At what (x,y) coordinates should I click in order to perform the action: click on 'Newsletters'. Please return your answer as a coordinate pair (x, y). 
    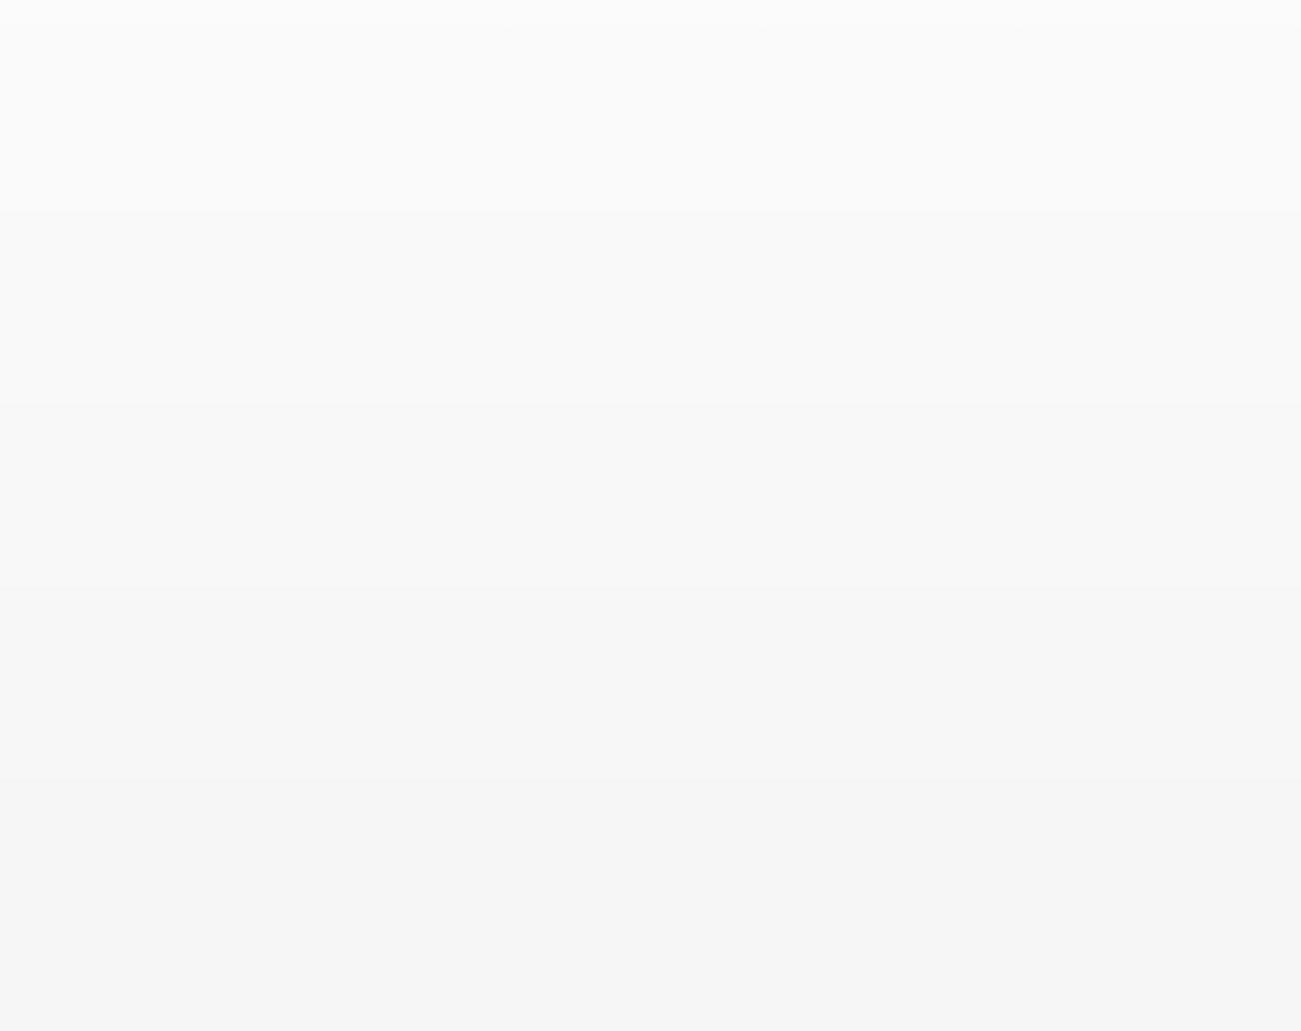
    Looking at the image, I should click on (891, 787).